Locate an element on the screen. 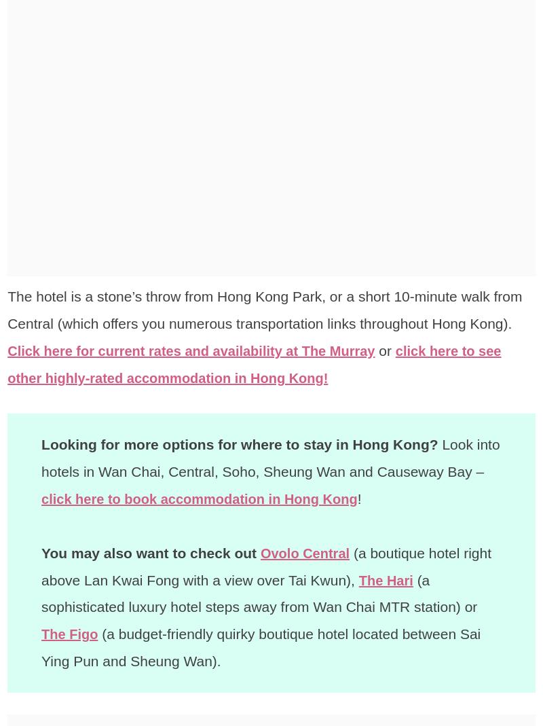 Image resolution: width=543 pixels, height=726 pixels. 'or' is located at coordinates (402, 350).